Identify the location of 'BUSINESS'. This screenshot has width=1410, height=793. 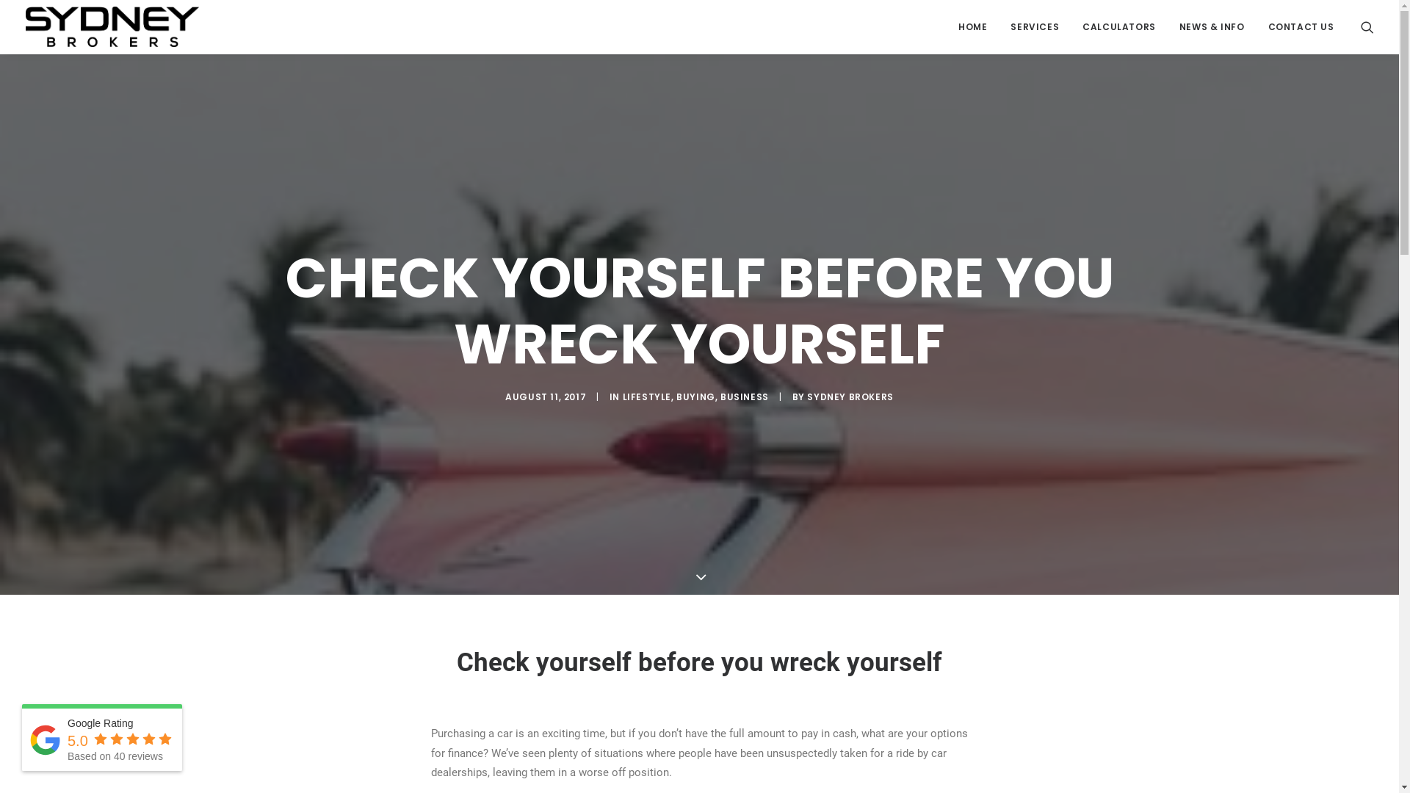
(744, 396).